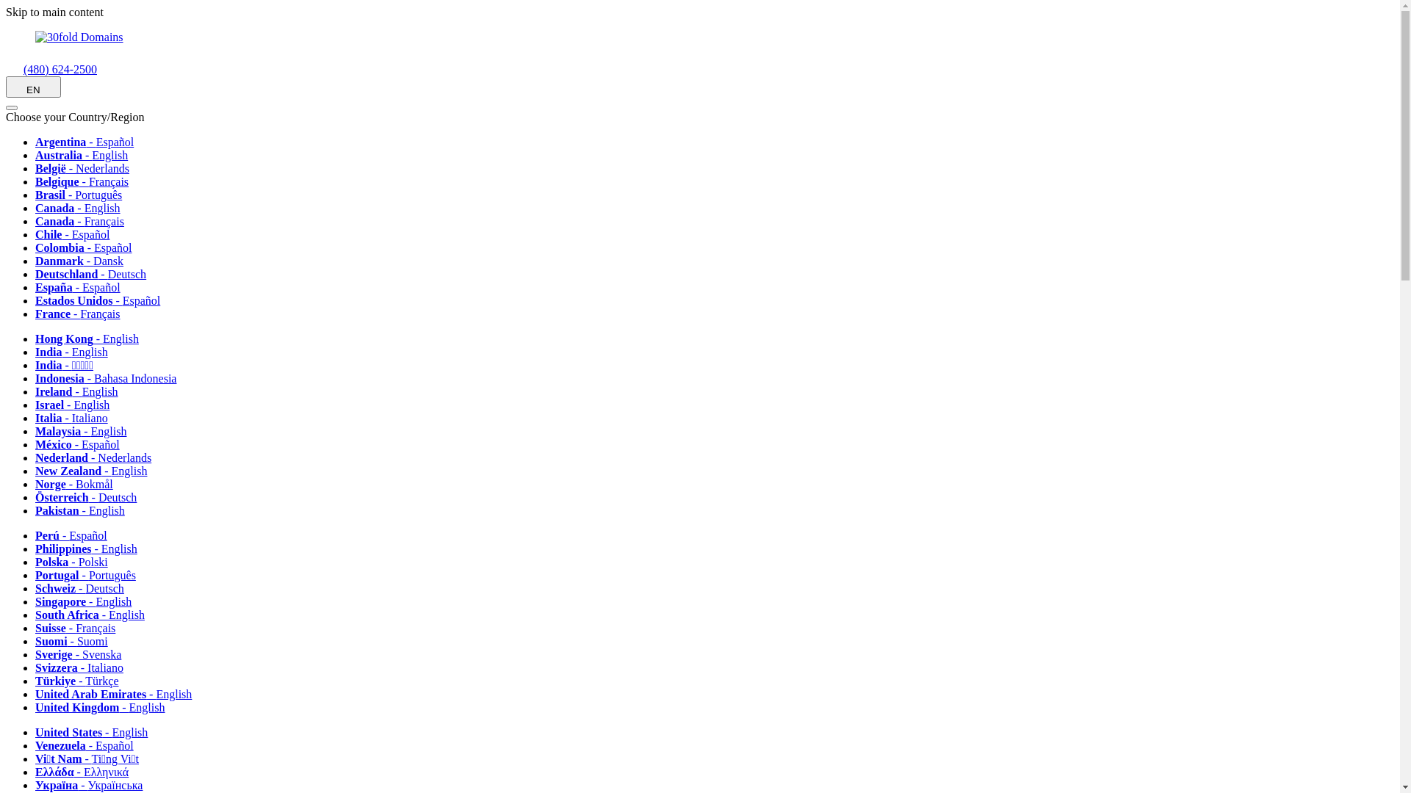 This screenshot has width=1411, height=793. Describe the element at coordinates (86, 155) in the screenshot. I see `'Australia - English'` at that location.